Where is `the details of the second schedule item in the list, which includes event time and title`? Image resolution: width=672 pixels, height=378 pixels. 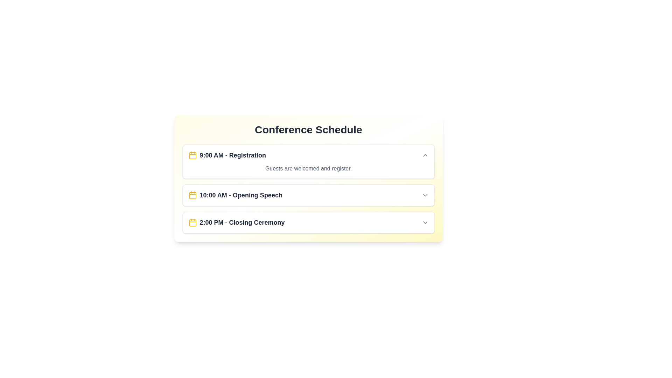 the details of the second schedule item in the list, which includes event time and title is located at coordinates (308, 195).